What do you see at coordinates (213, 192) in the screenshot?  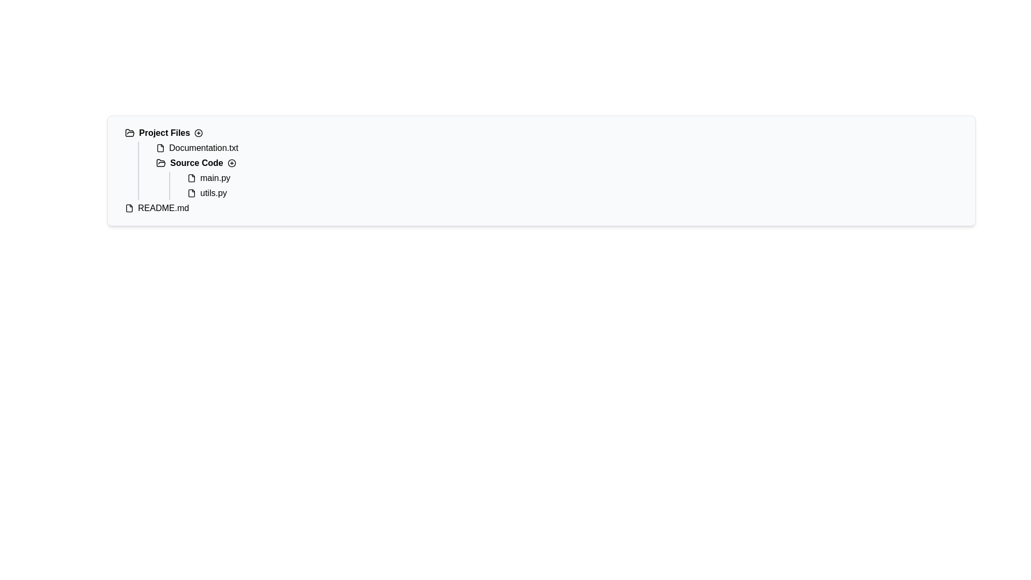 I see `the text label displaying 'utils.py'` at bounding box center [213, 192].